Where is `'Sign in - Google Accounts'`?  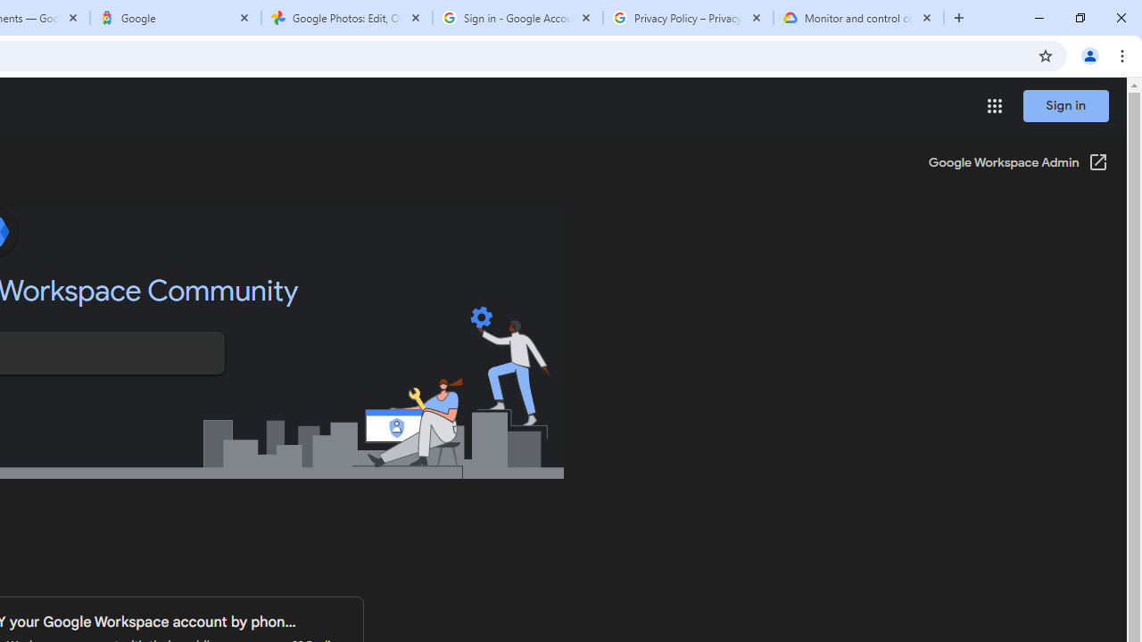
'Sign in - Google Accounts' is located at coordinates (517, 18).